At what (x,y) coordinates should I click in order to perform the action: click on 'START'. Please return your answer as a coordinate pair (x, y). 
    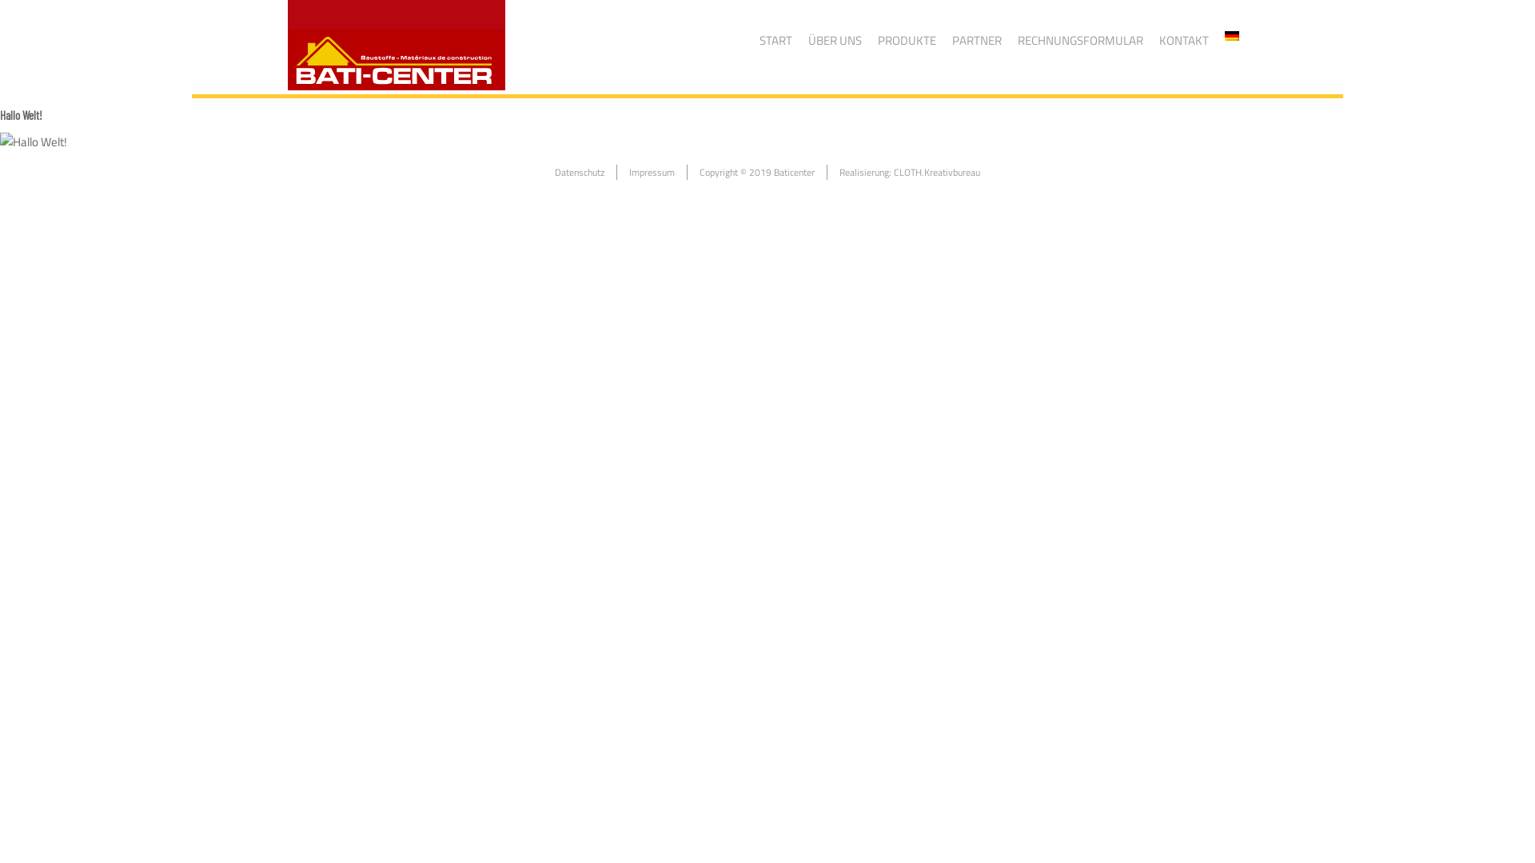
    Looking at the image, I should click on (775, 38).